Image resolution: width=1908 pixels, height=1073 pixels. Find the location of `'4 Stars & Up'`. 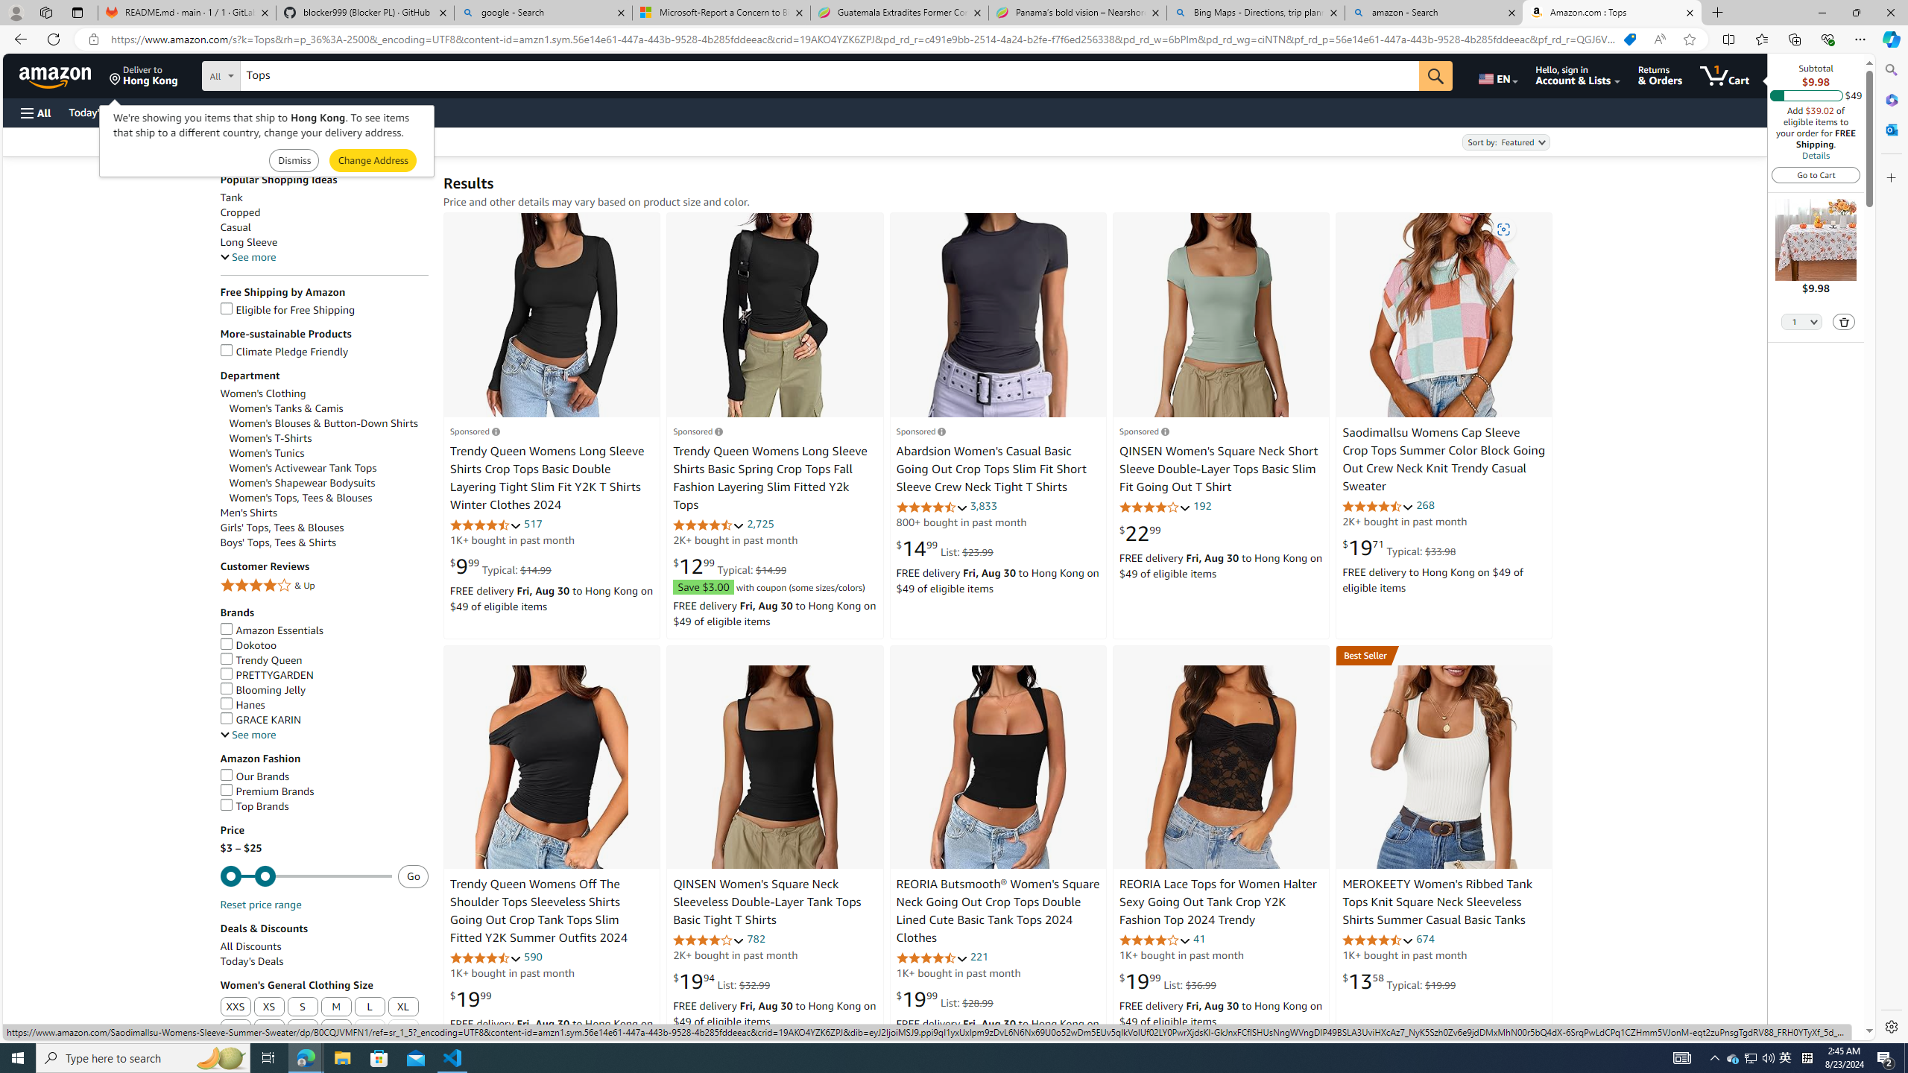

'4 Stars & Up' is located at coordinates (324, 585).